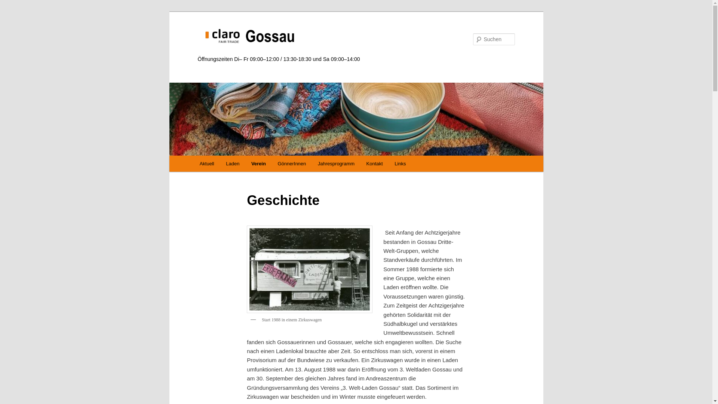 This screenshot has height=404, width=718. What do you see at coordinates (360, 163) in the screenshot?
I see `'Kontakt'` at bounding box center [360, 163].